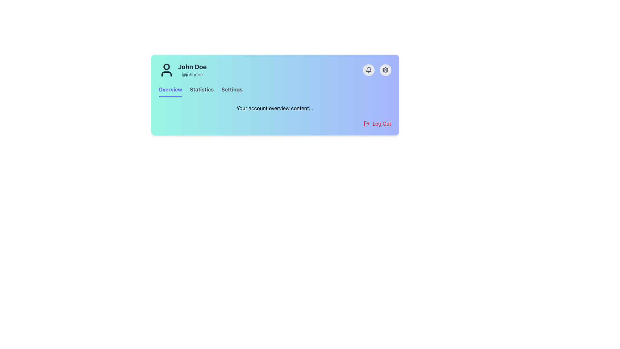  Describe the element at coordinates (368, 69) in the screenshot. I see `the notification icon located in the top-right corner of the interface, which is part of a rounded button containing a bell icon` at that location.